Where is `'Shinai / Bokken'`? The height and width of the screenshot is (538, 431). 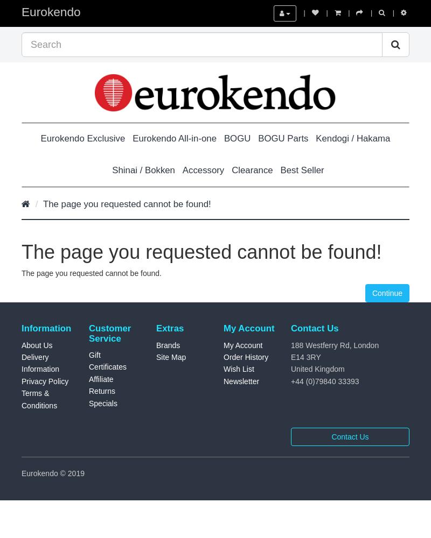 'Shinai / Bokken' is located at coordinates (143, 169).